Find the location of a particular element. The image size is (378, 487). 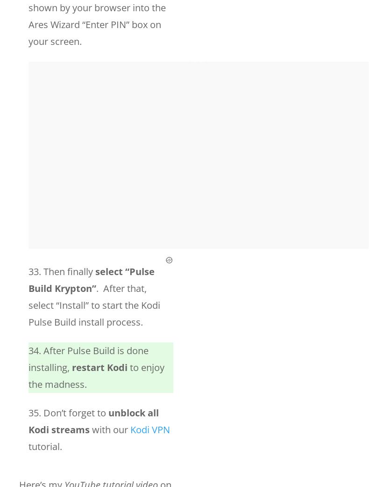

'After Pulse Build is done installing,' is located at coordinates (28, 359).